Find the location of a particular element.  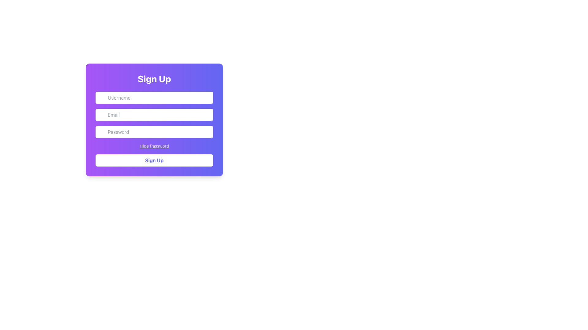

the password input field by tabbing to it, which is the third input field in the form layout situated below the 'Username' and 'Email' fields is located at coordinates (154, 132).